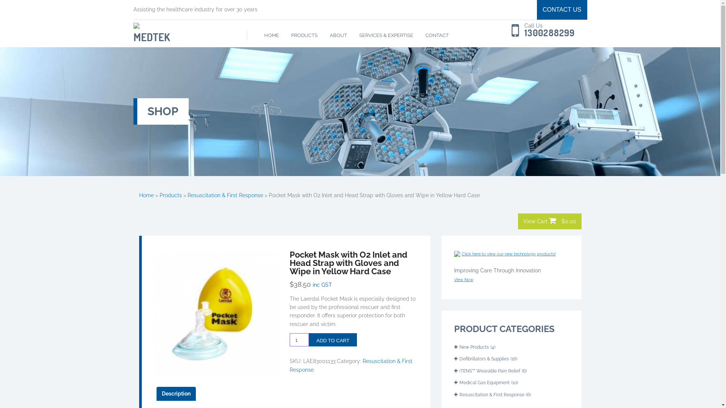 The height and width of the screenshot is (408, 726). What do you see at coordinates (437, 35) in the screenshot?
I see `'CONTACT'` at bounding box center [437, 35].